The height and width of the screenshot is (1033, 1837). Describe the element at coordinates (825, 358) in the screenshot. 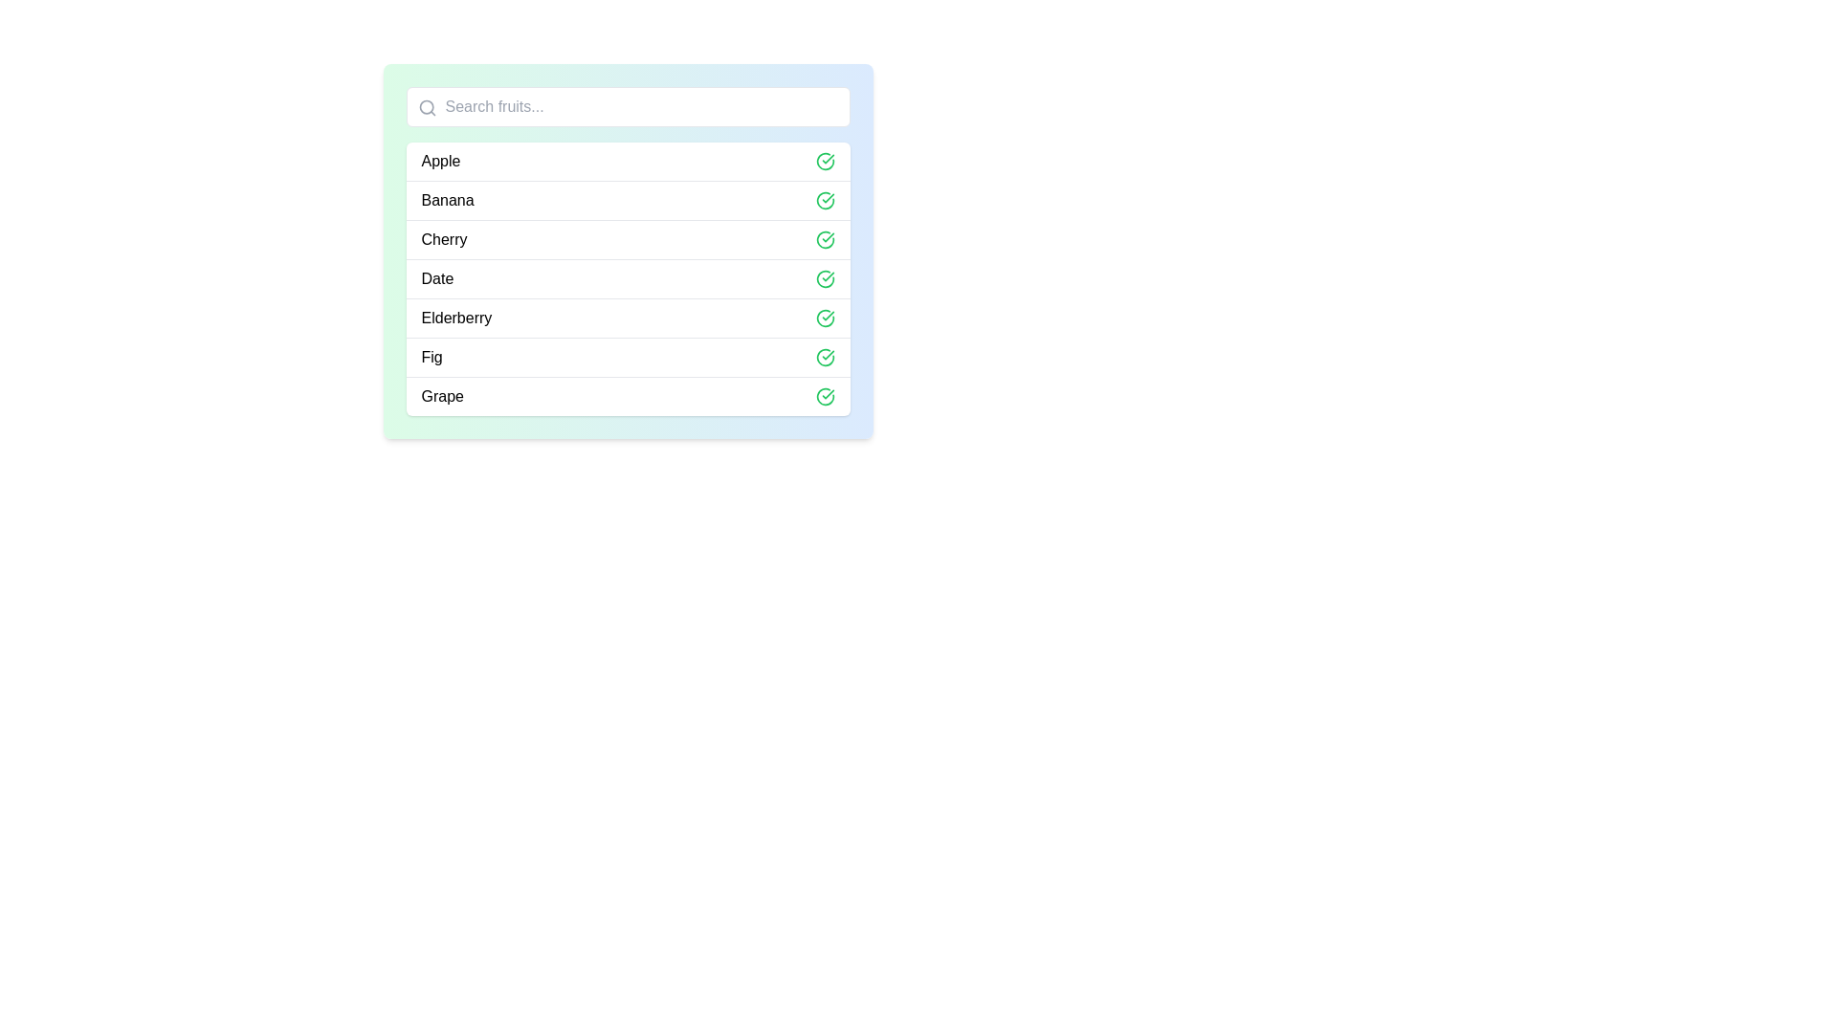

I see `the affirmative state icon located to the right of the text 'Fig', indicating successful completion` at that location.